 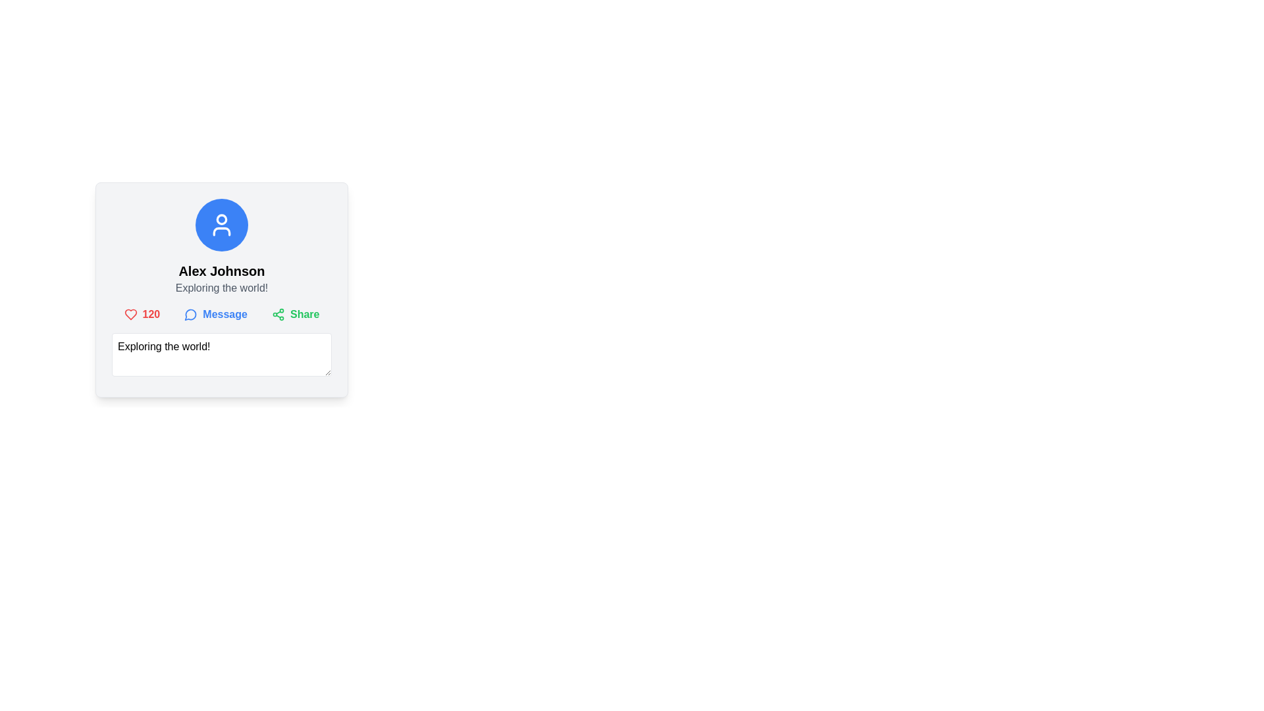 I want to click on the small blue circle icon with a white center that resembles a messaging icon, located to the left of the 'Message' button, so click(x=190, y=315).